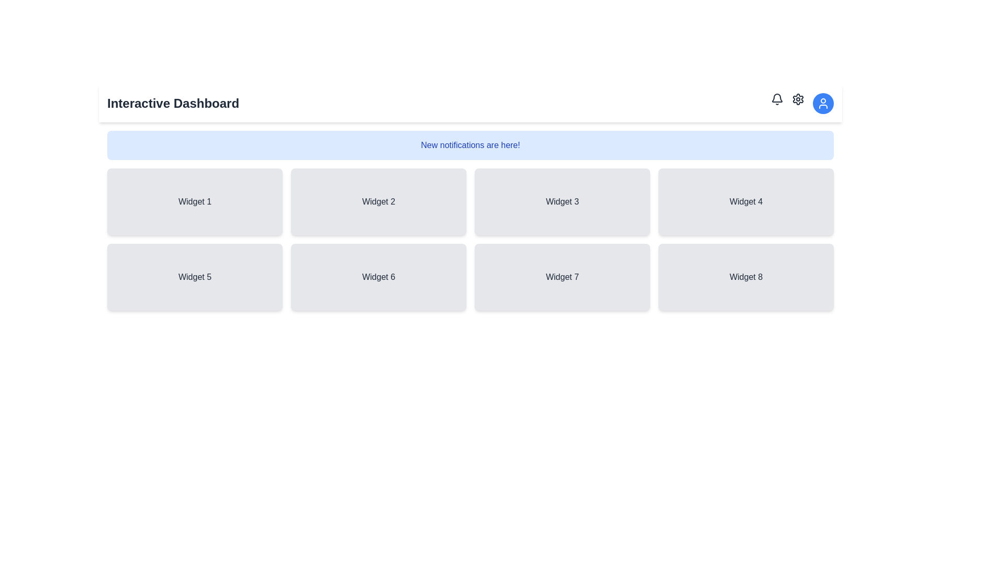  Describe the element at coordinates (195, 201) in the screenshot. I see `the non-interactive widget card located in the first row and first column of the grid layout, which serves to indicate a segment of content or functionality` at that location.